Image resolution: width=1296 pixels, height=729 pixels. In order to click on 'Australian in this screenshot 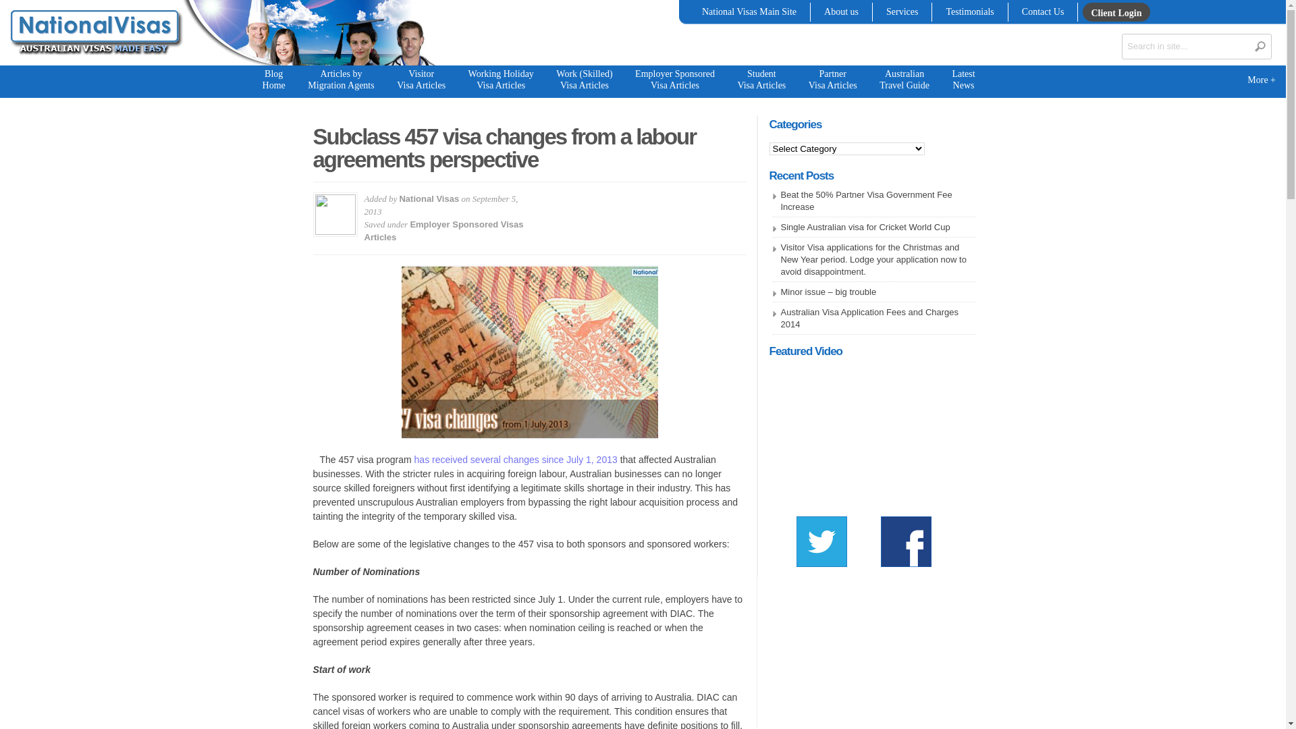, I will do `click(904, 80)`.